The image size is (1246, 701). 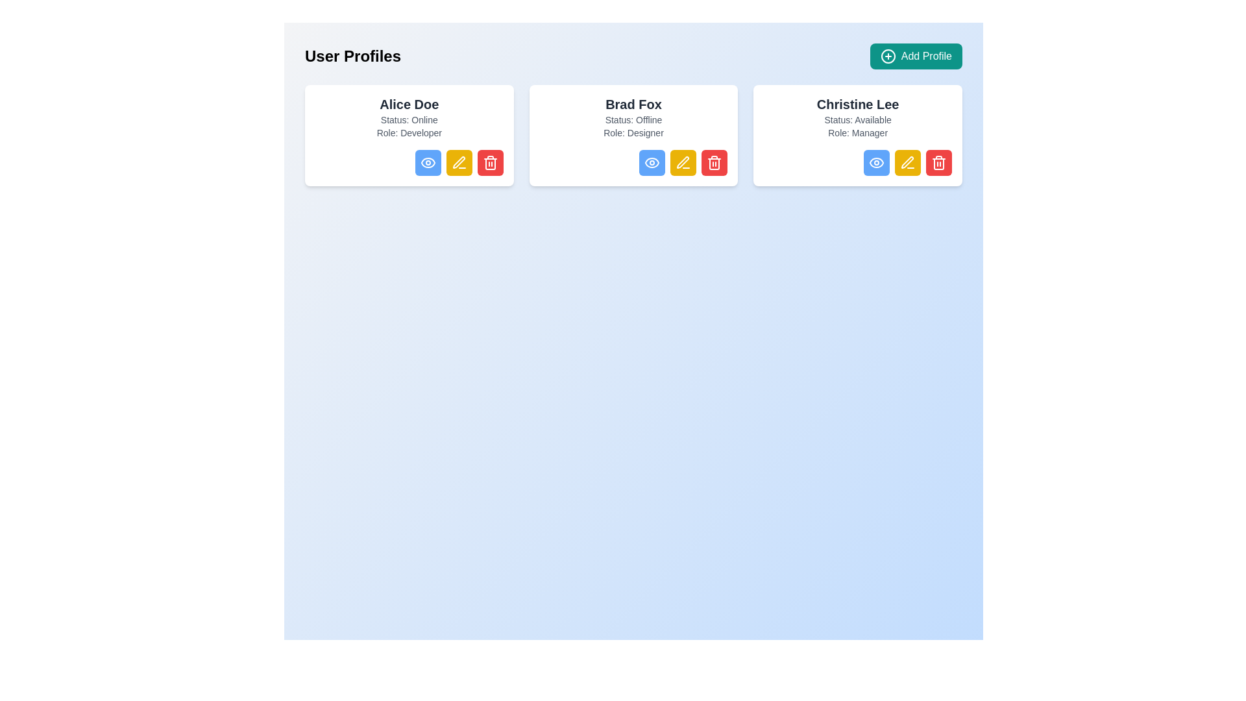 What do you see at coordinates (915, 56) in the screenshot?
I see `the 'Add Profile' button with a teal background and white text located in the top-right corner of the 'User Profiles' header to initiate the profile-adding process` at bounding box center [915, 56].